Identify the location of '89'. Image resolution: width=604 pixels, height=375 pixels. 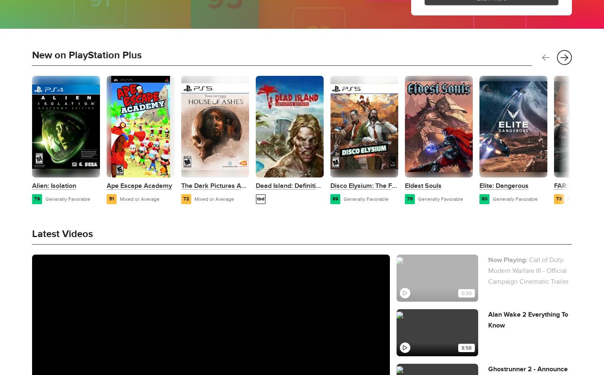
(332, 198).